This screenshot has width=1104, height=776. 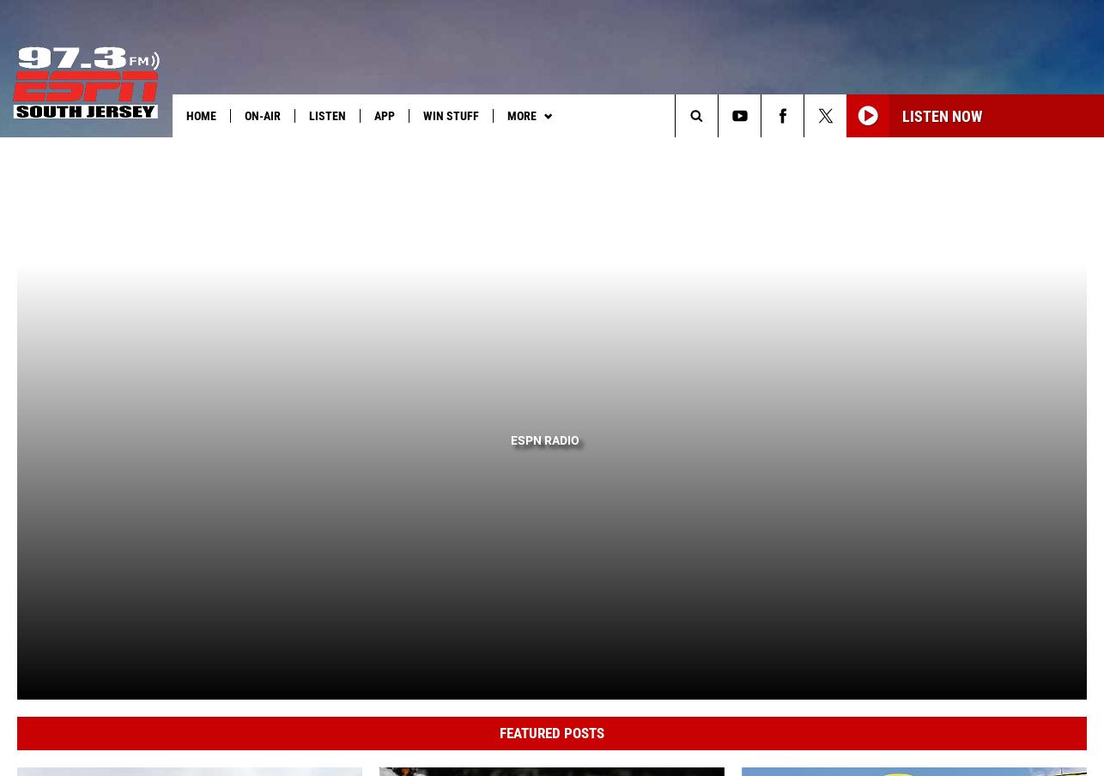 I want to click on 'South Jersey Sports', so click(x=452, y=151).